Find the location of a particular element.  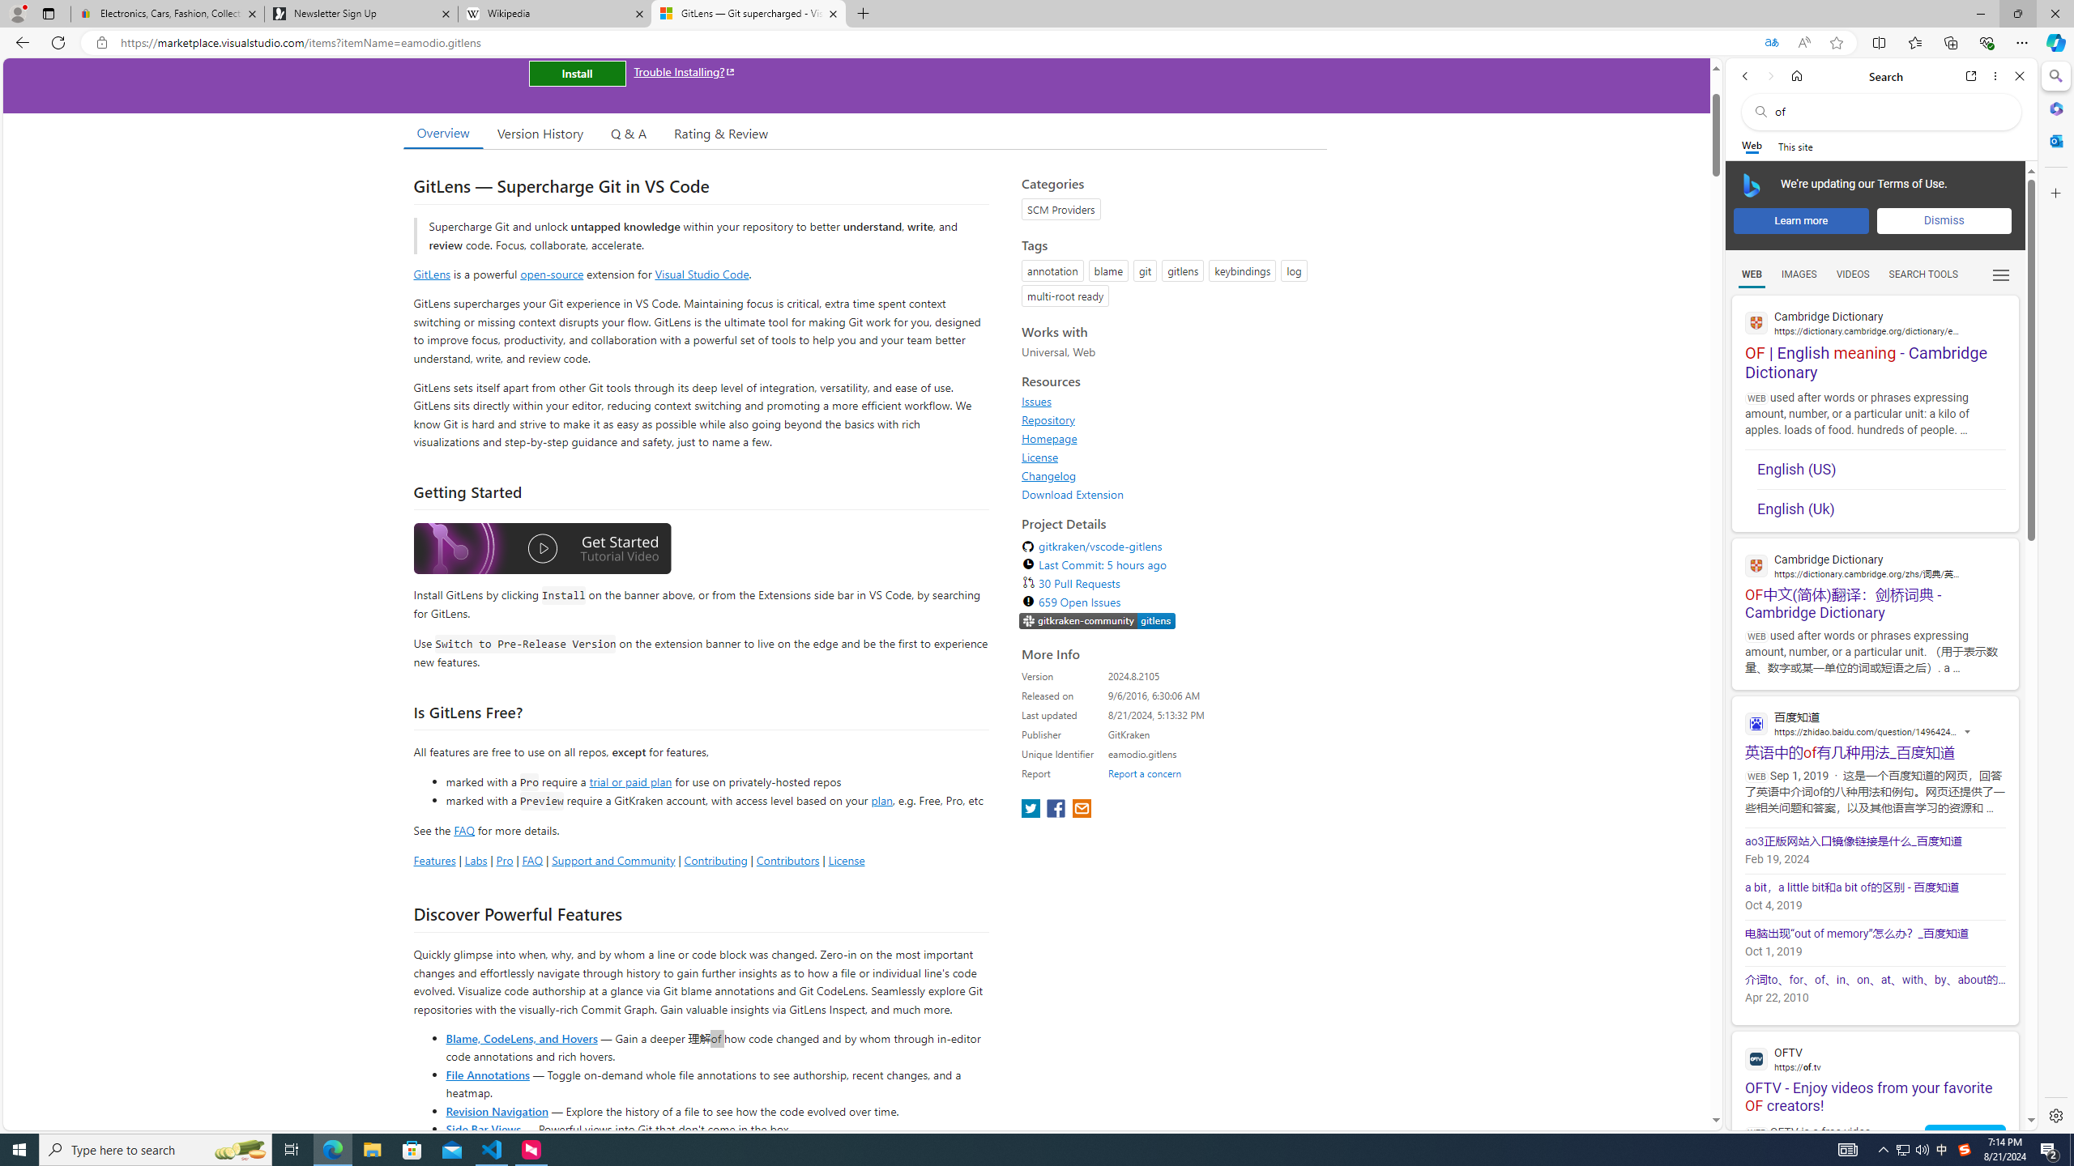

'Repository' is located at coordinates (1048, 419).